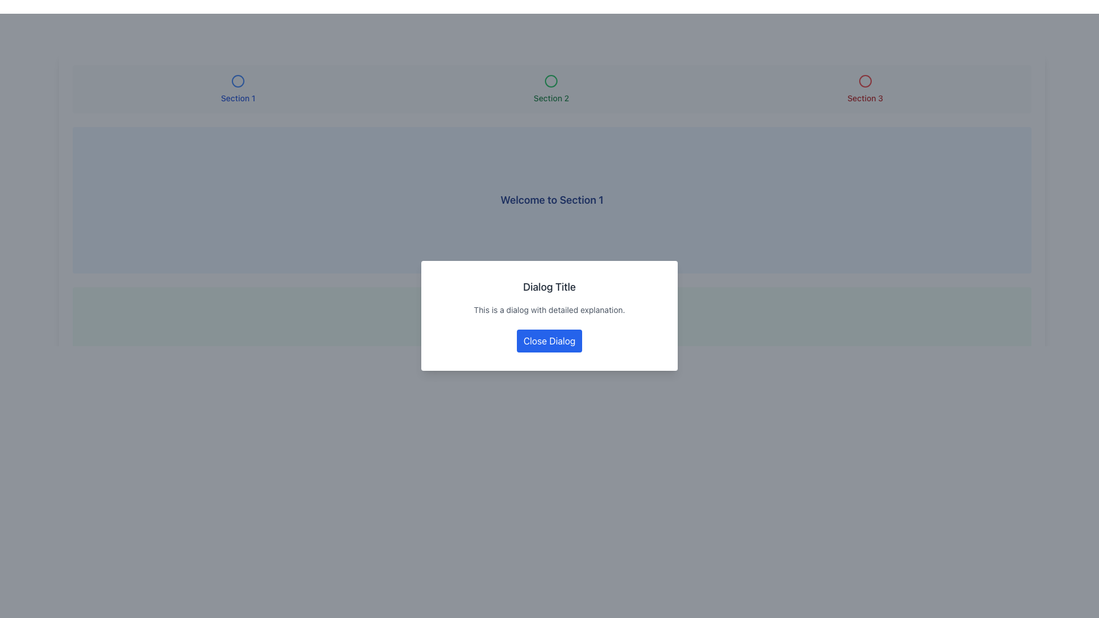 Image resolution: width=1099 pixels, height=618 pixels. What do you see at coordinates (551, 88) in the screenshot?
I see `the Interactive button-like link labeled 'Section 2' to trigger hover effects` at bounding box center [551, 88].